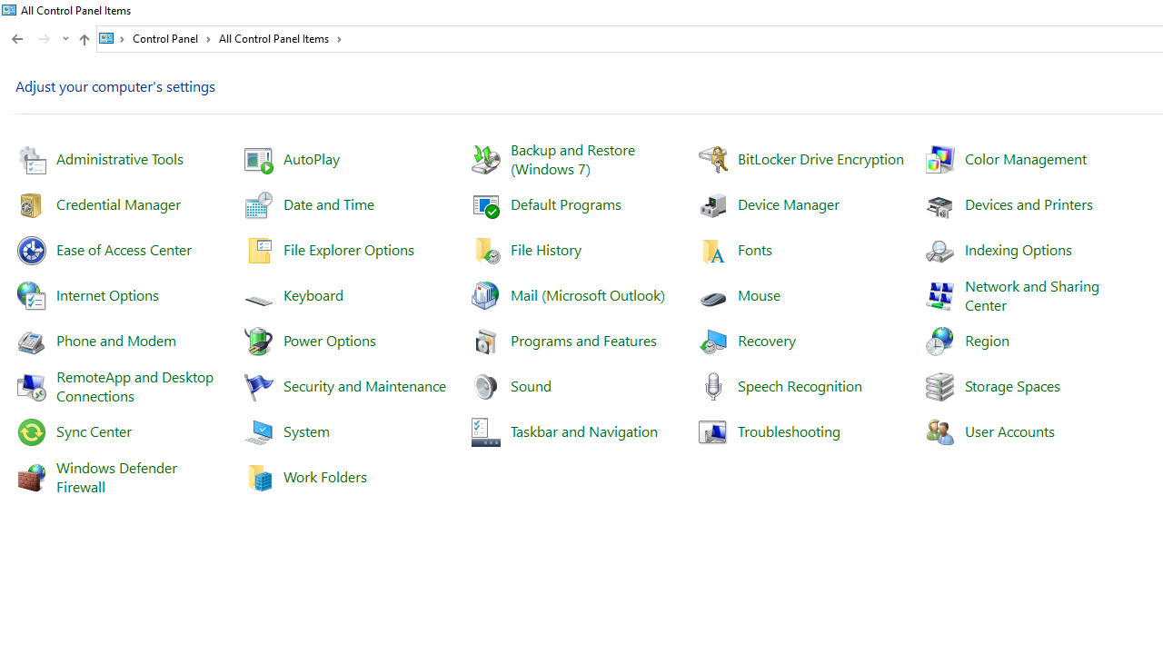 This screenshot has height=654, width=1163. What do you see at coordinates (363, 384) in the screenshot?
I see `'Security and Maintenance'` at bounding box center [363, 384].